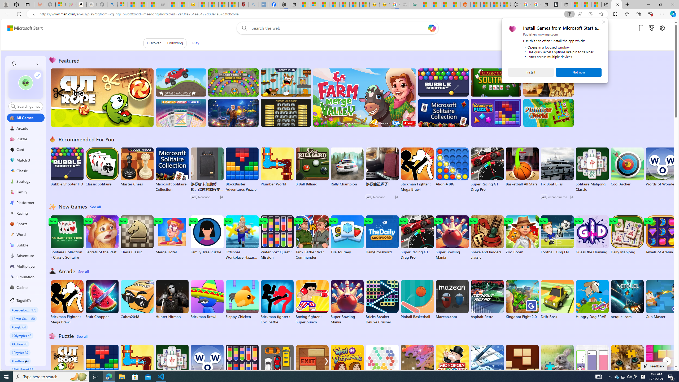 The image size is (679, 382). I want to click on 'Bubble Shooter HD', so click(67, 167).